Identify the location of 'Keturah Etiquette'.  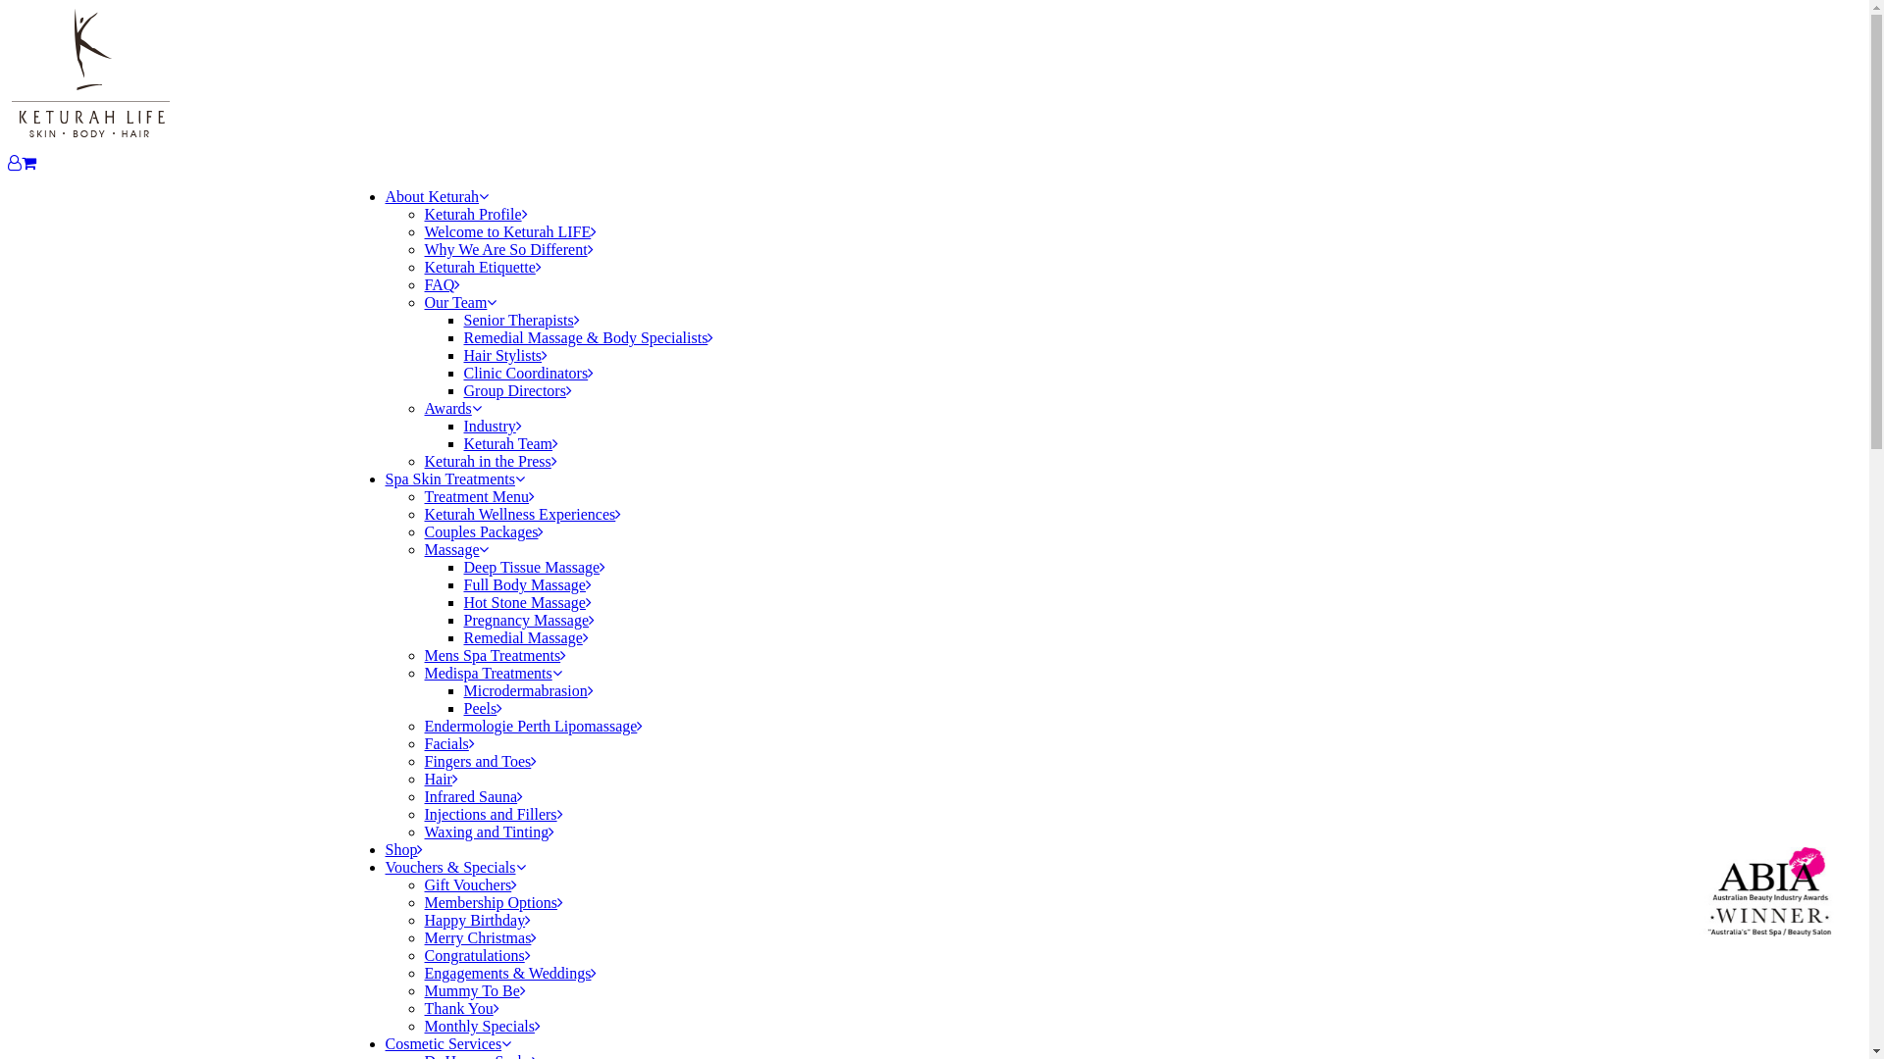
(482, 267).